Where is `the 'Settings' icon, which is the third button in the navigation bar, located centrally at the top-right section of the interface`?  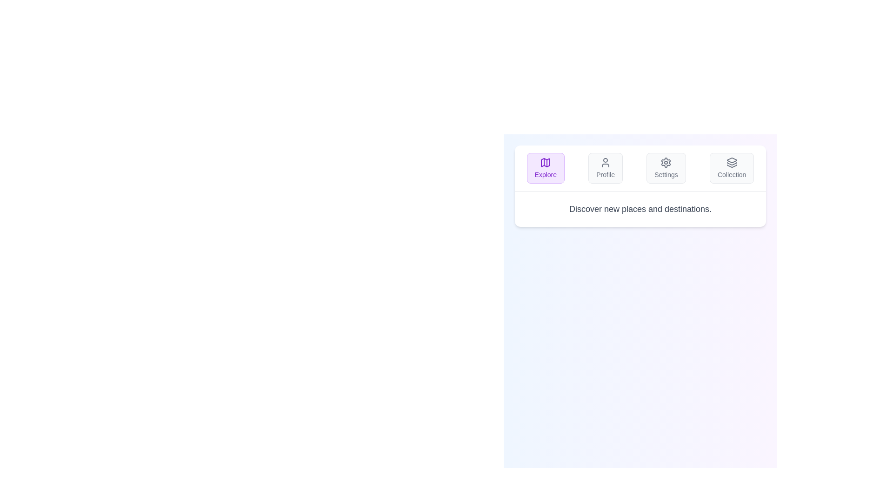 the 'Settings' icon, which is the third button in the navigation bar, located centrally at the top-right section of the interface is located at coordinates (666, 162).